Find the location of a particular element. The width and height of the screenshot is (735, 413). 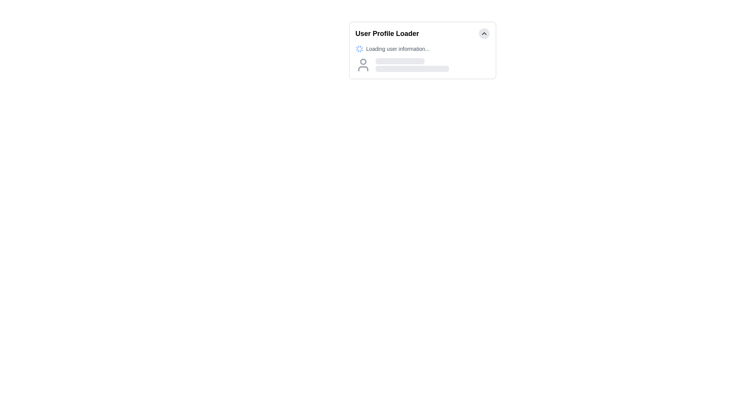

the Placeholder Loader Bar located in the second row of the 'User Profile Loader' card layout, which acts as a visual placeholder for a data field that is currently loading or unavailable is located at coordinates (412, 69).